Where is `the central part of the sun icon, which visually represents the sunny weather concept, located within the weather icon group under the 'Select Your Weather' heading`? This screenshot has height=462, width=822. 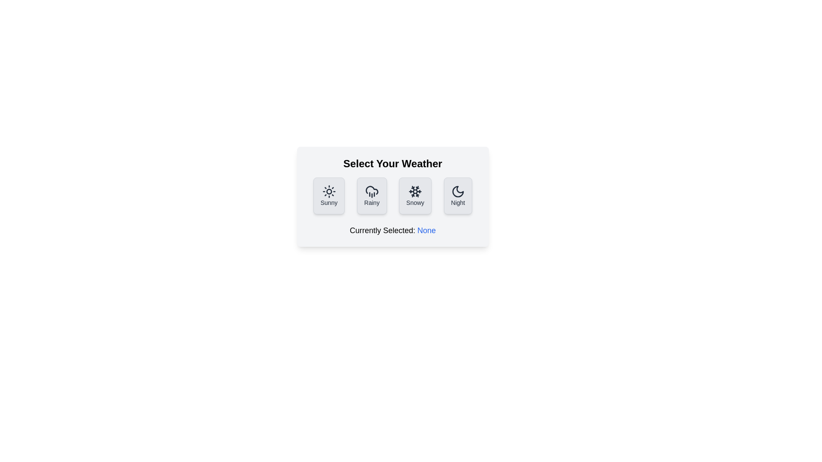 the central part of the sun icon, which visually represents the sunny weather concept, located within the weather icon group under the 'Select Your Weather' heading is located at coordinates (328, 191).